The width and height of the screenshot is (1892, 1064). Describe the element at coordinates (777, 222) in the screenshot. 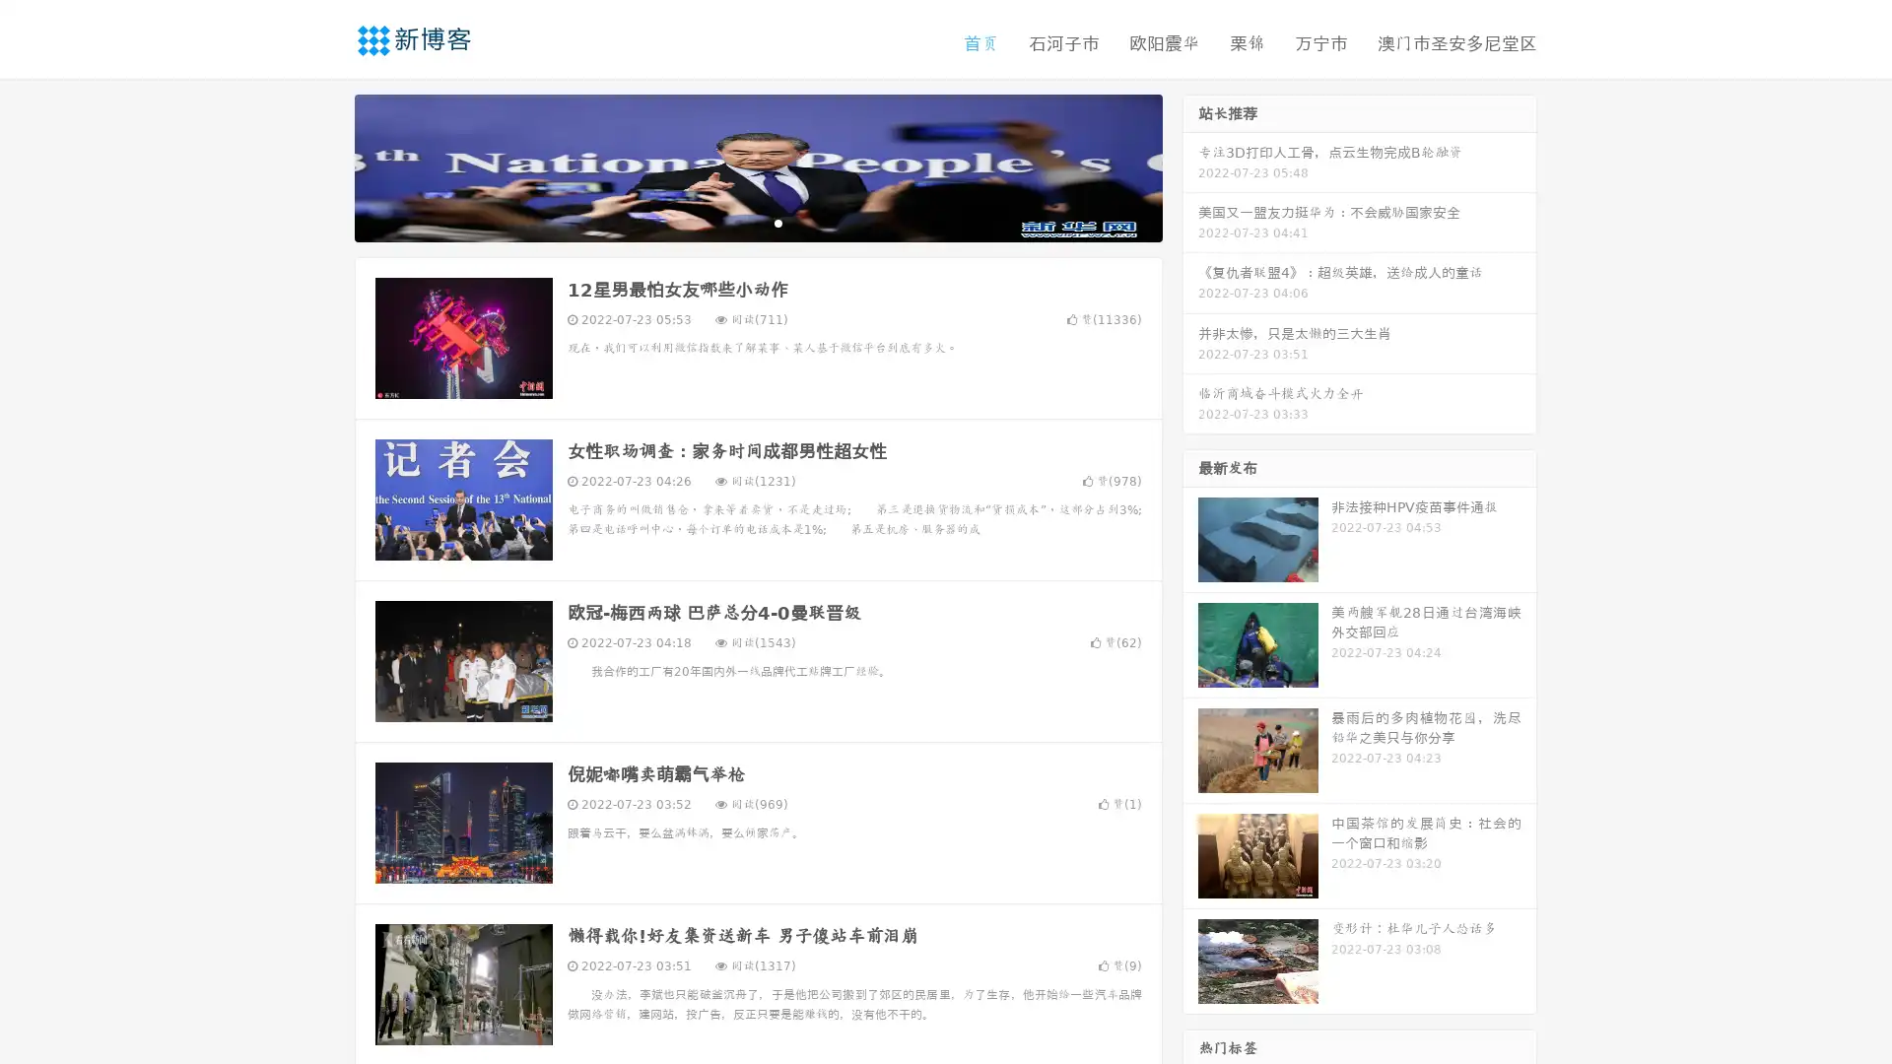

I see `Go to slide 3` at that location.